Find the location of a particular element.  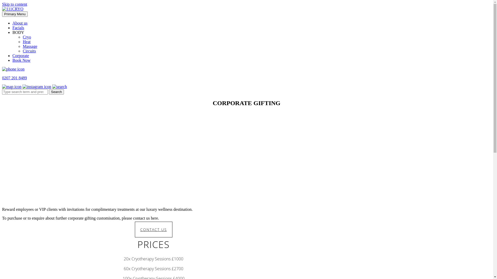

'CONTACT US' is located at coordinates (153, 229).